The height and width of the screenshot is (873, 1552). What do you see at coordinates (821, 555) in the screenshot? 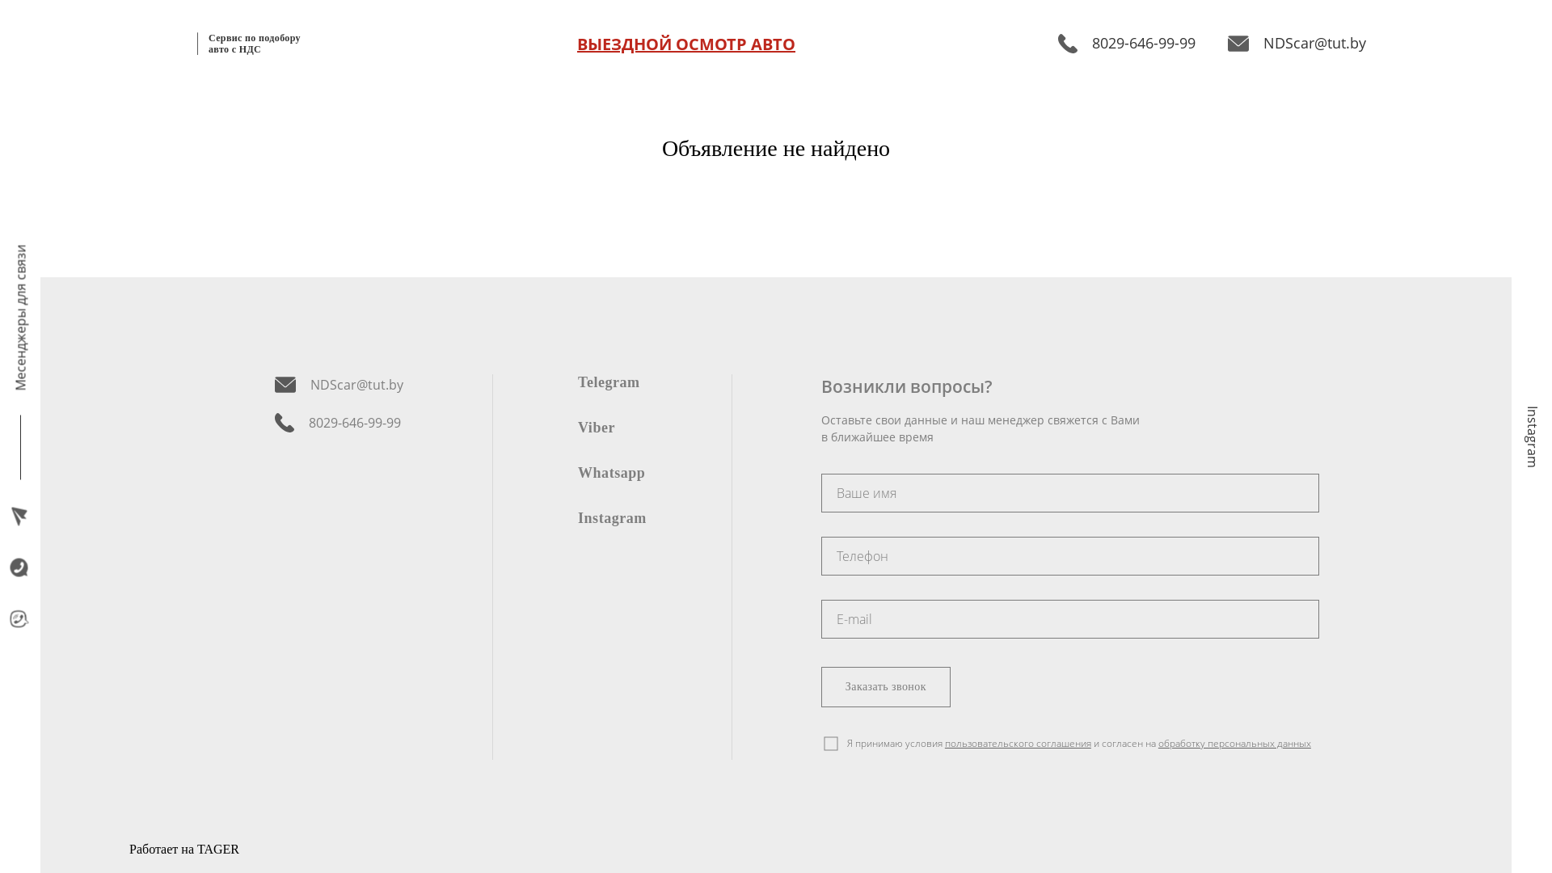
I see `'ndsCar'` at bounding box center [821, 555].